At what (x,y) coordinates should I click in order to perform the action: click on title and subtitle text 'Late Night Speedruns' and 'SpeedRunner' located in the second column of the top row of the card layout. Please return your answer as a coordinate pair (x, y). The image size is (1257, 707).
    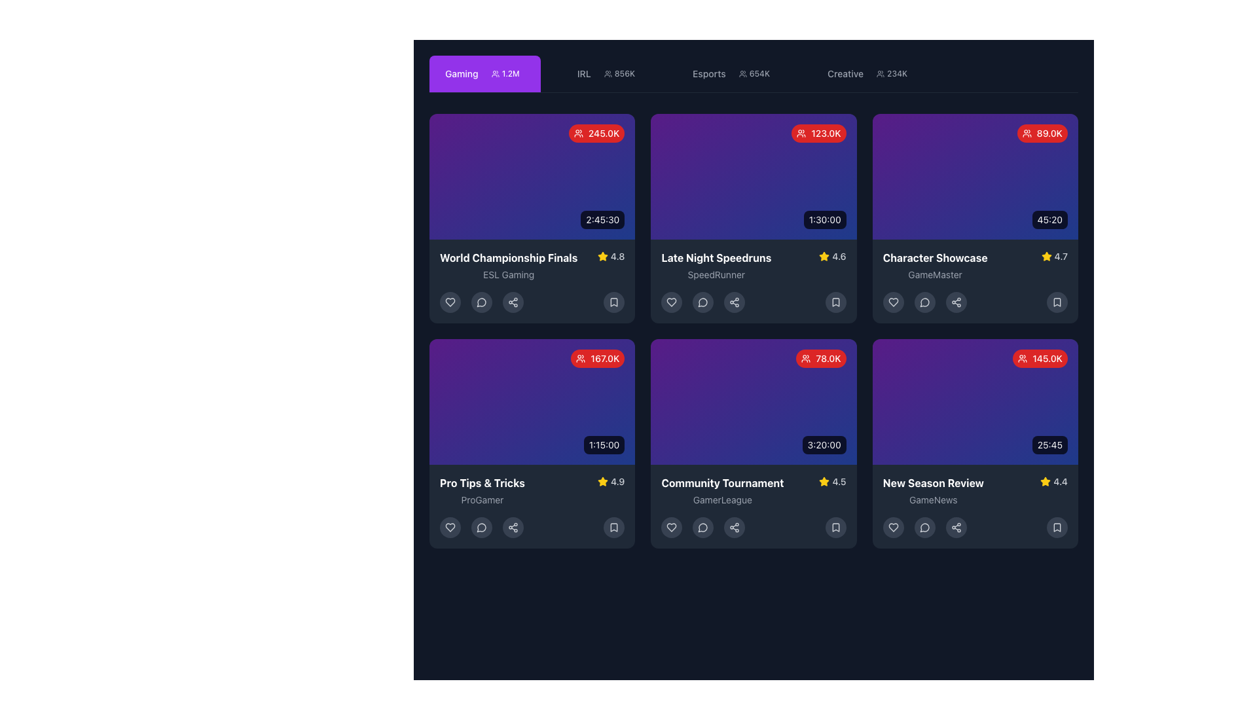
    Looking at the image, I should click on (716, 265).